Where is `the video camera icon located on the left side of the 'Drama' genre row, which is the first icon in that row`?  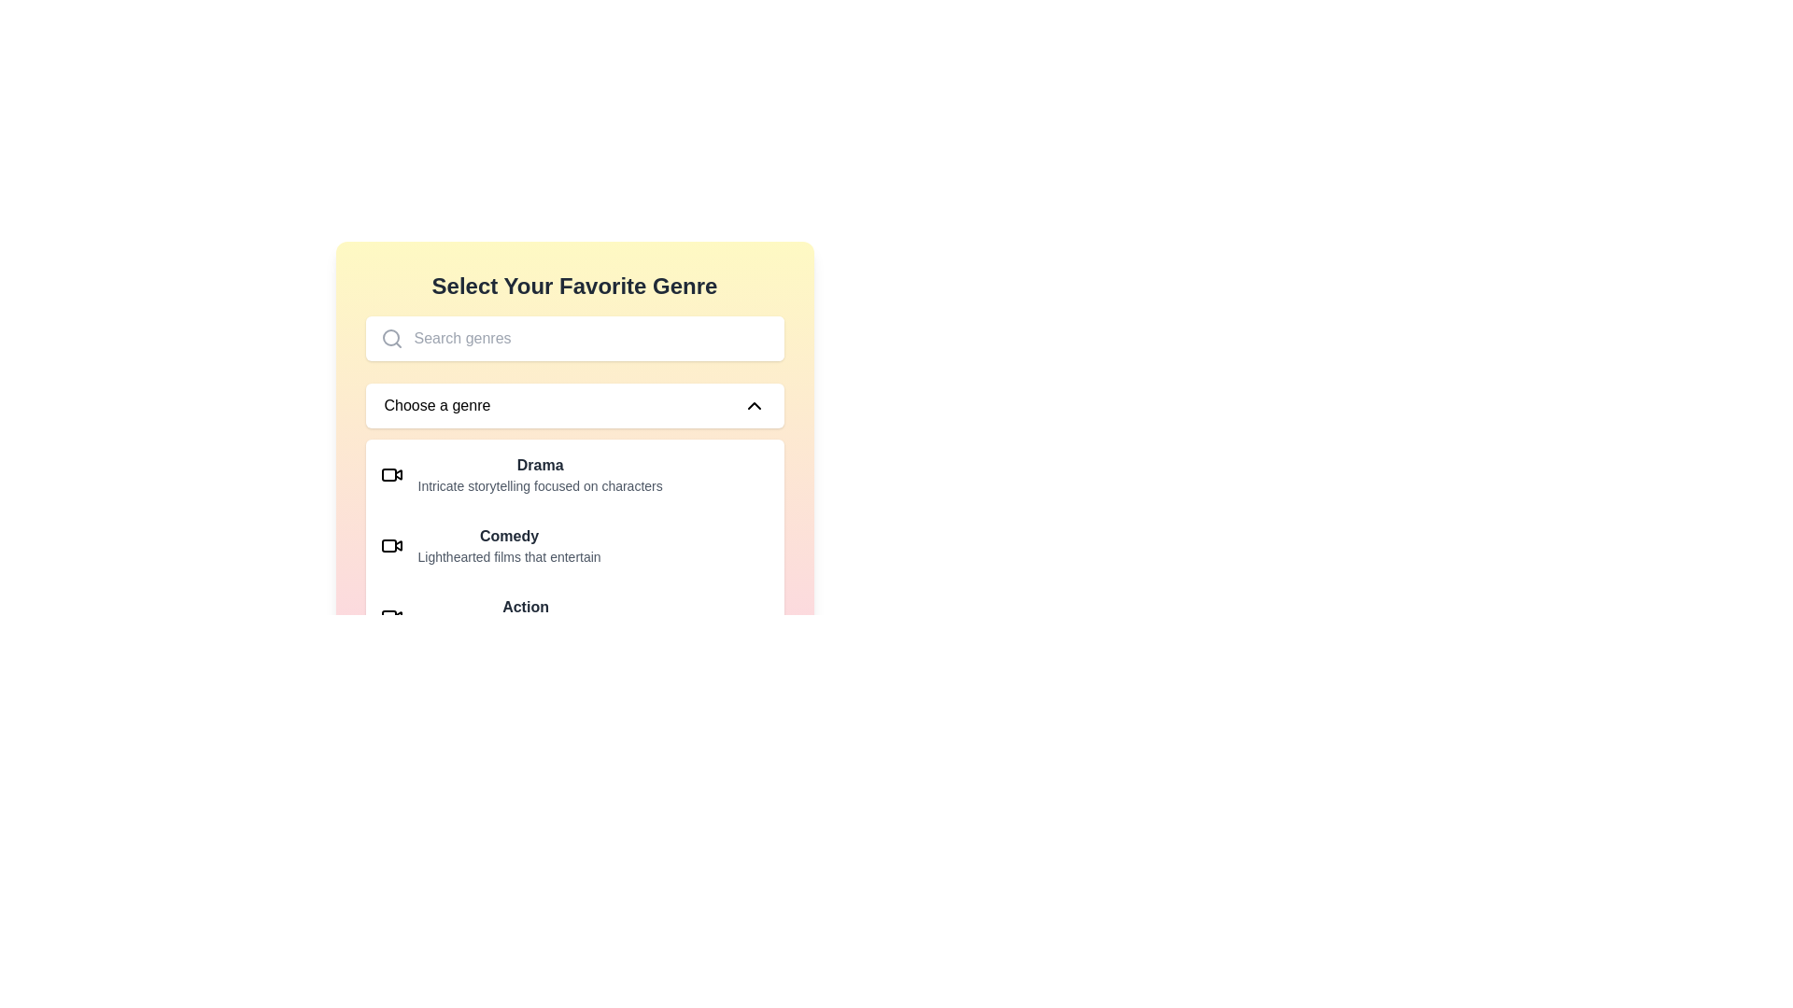 the video camera icon located on the left side of the 'Drama' genre row, which is the first icon in that row is located at coordinates (390, 474).